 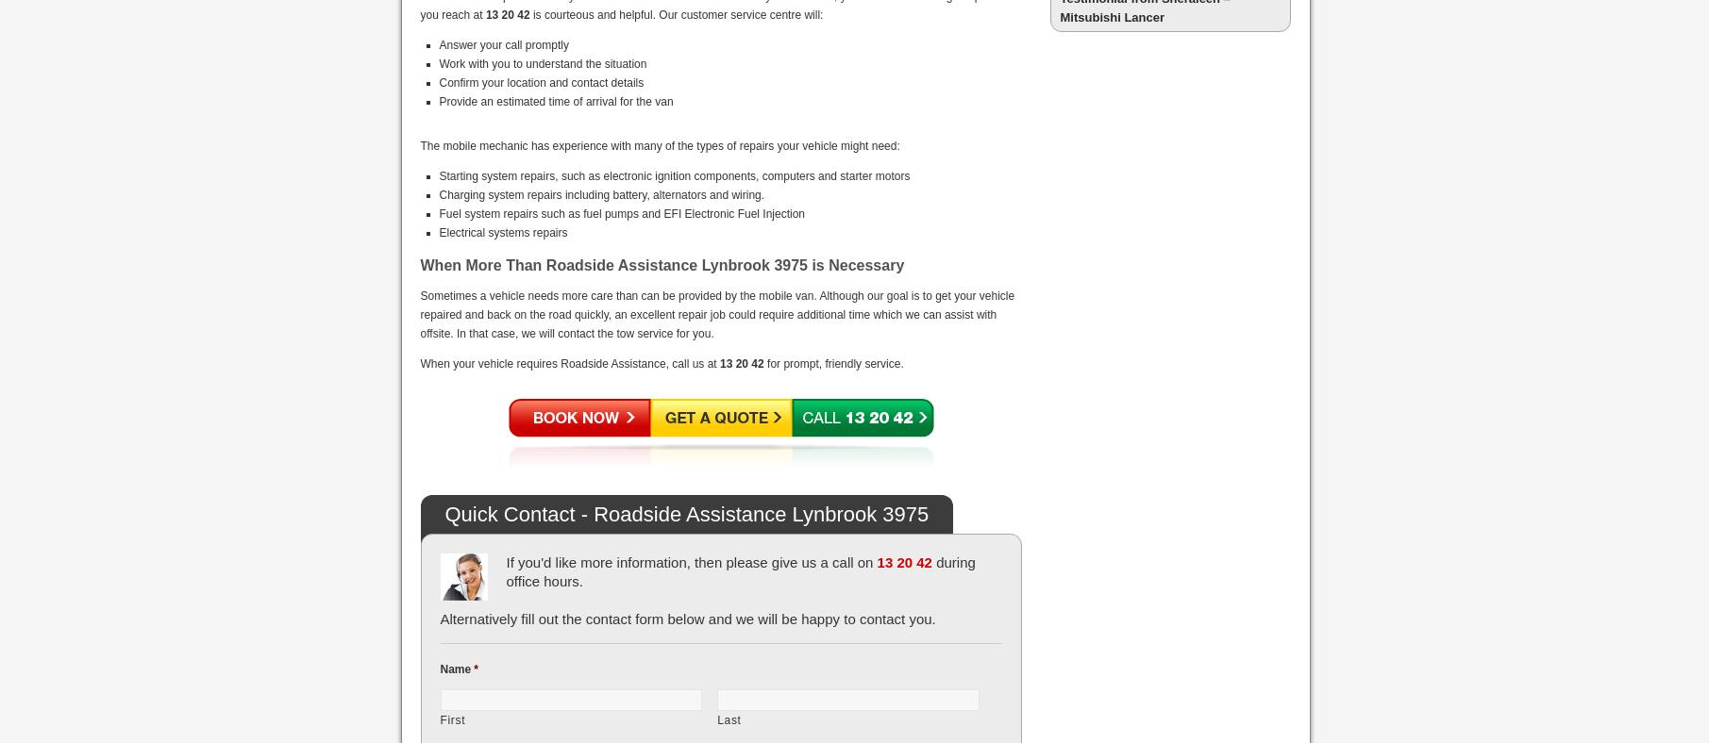 What do you see at coordinates (660, 145) in the screenshot?
I see `'The mobile mechanic has experience with many of the types of repairs your vehicle might need:'` at bounding box center [660, 145].